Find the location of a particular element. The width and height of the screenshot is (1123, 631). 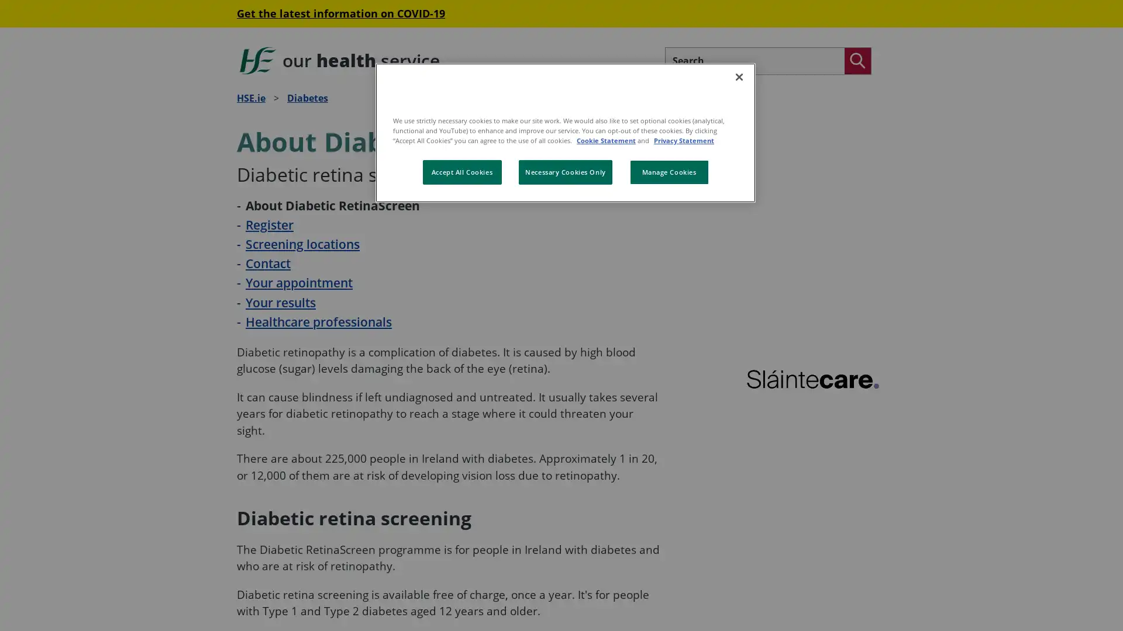

Accept All Cookies is located at coordinates (461, 172).